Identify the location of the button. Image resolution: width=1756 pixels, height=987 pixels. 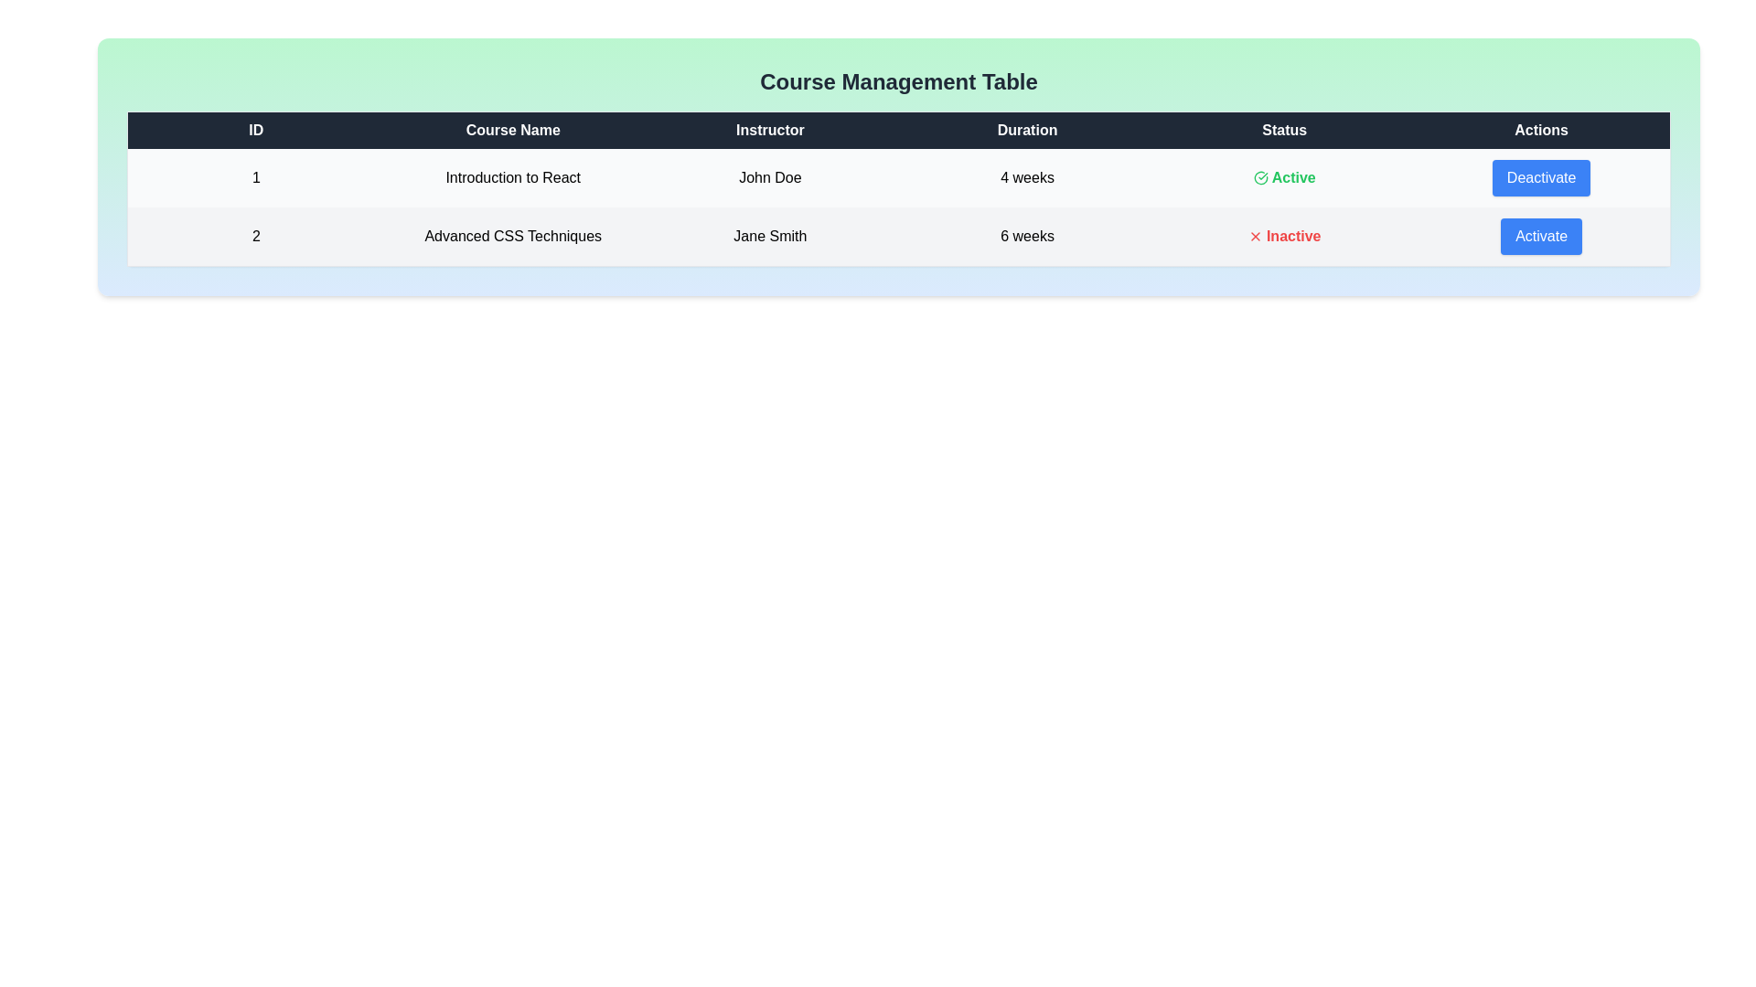
(1540, 236).